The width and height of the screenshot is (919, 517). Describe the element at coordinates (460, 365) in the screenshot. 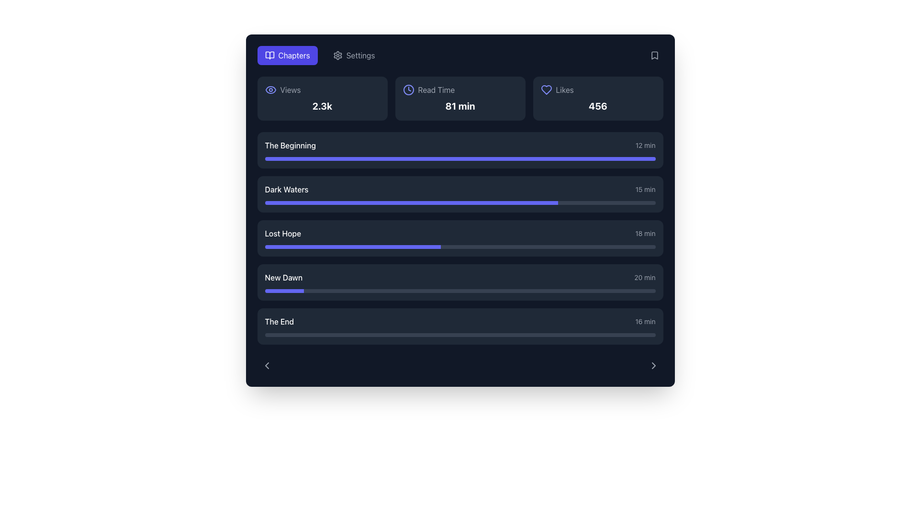

I see `the left navigation button on the control bar located at the bottom of the interface` at that location.